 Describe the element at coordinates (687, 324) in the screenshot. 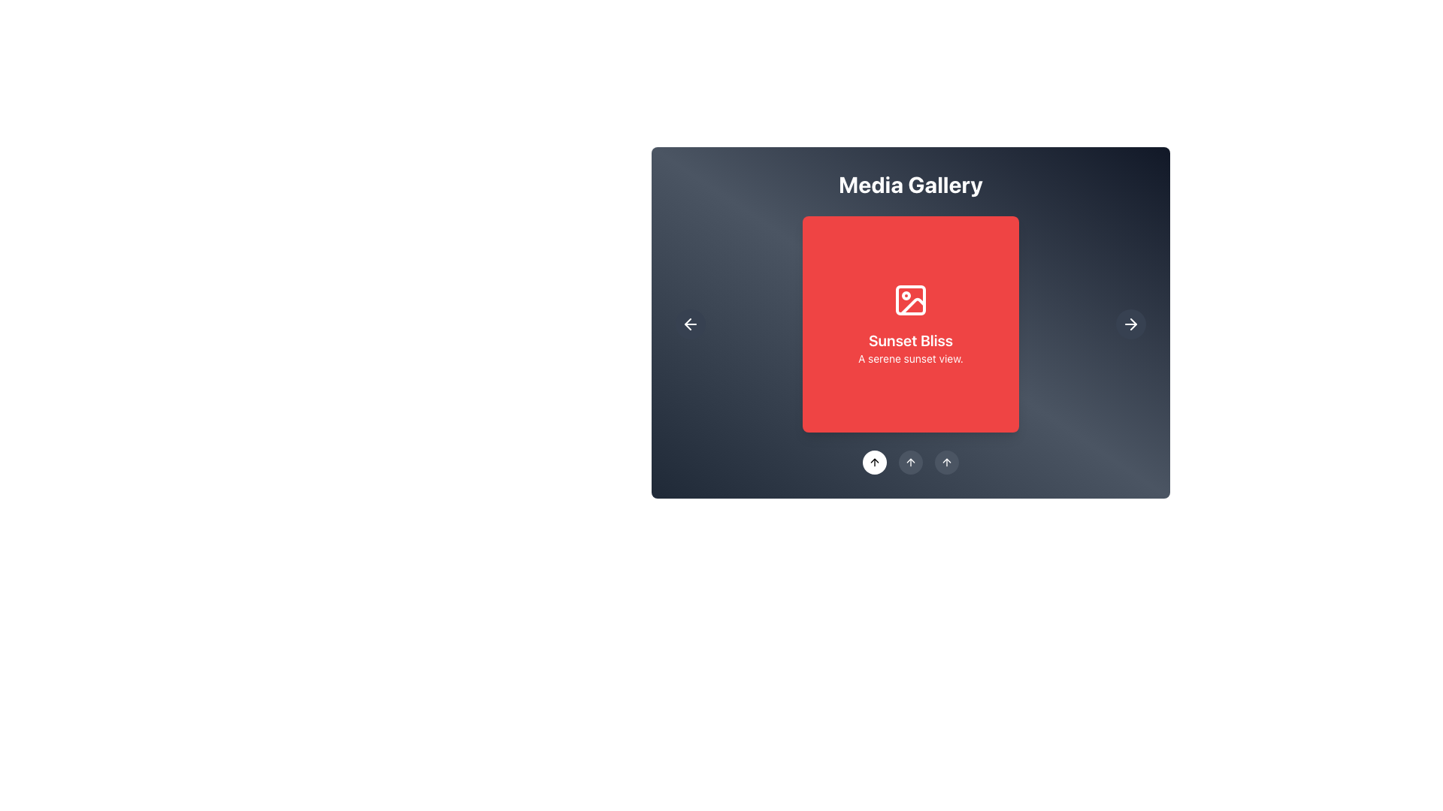

I see `the left-pointing chevron icon` at that location.